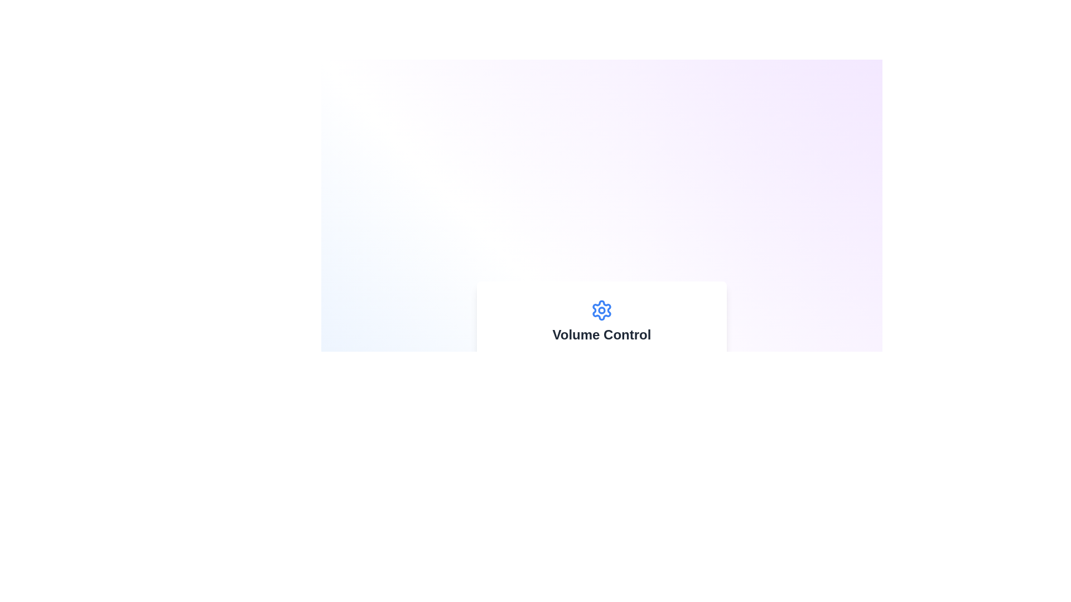  Describe the element at coordinates (601, 310) in the screenshot. I see `the settings icon located in the 'Volume Control' section, positioned above the text 'Volume Control' and aligned with the section's visual center` at that location.